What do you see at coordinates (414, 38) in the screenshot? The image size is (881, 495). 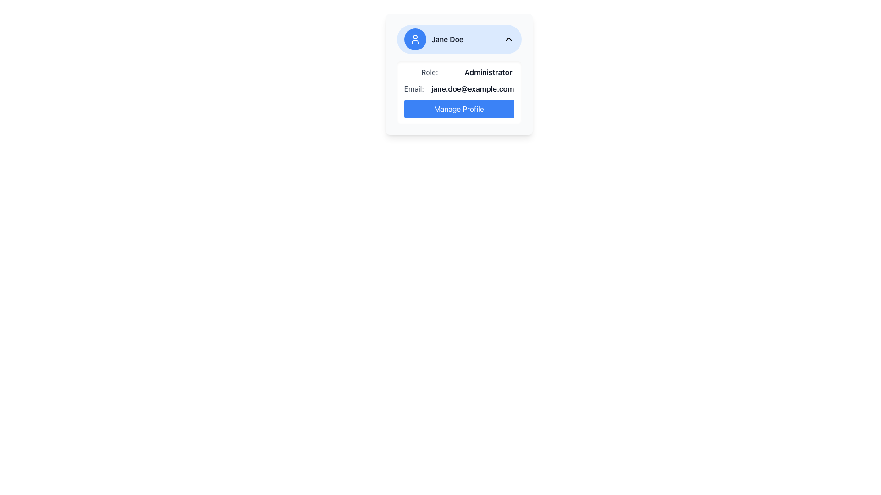 I see `the user's avatar SVG icon located` at bounding box center [414, 38].